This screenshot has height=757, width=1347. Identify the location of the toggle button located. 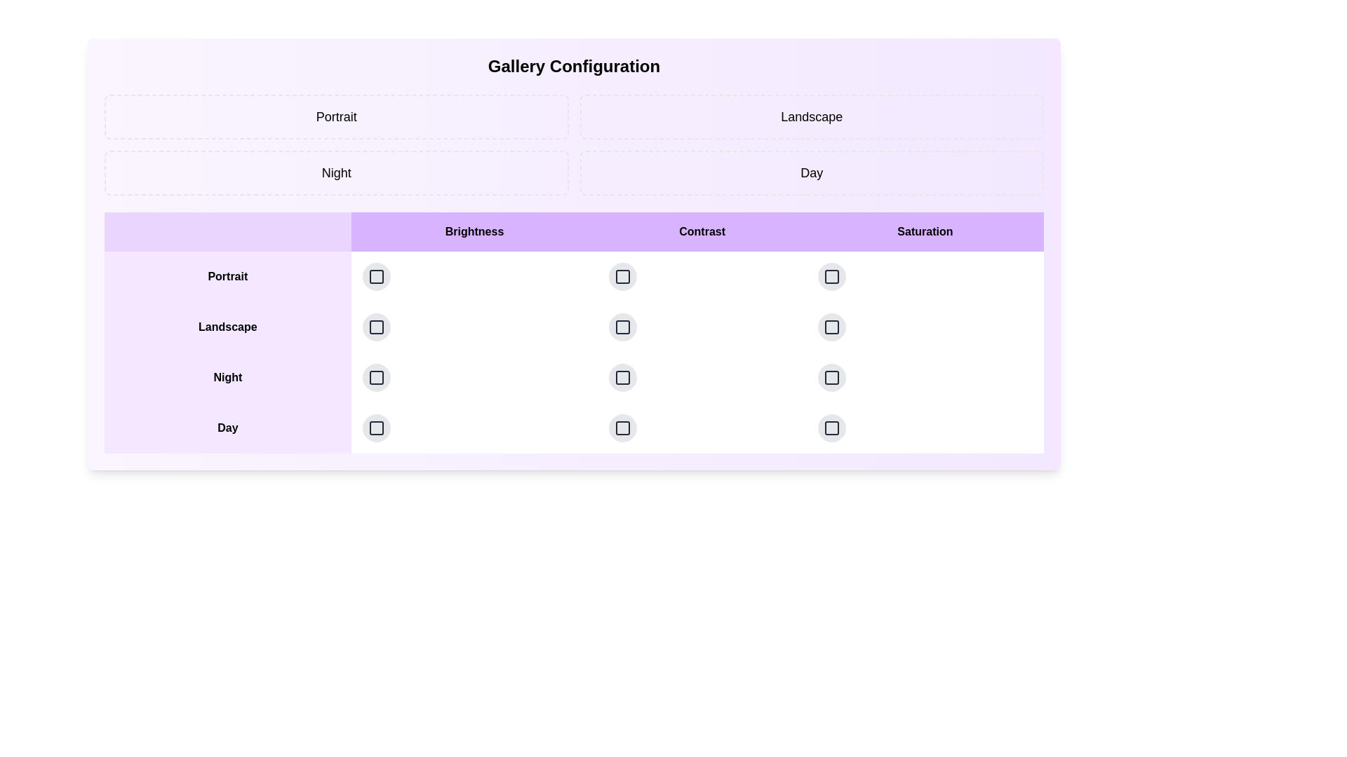
(622, 327).